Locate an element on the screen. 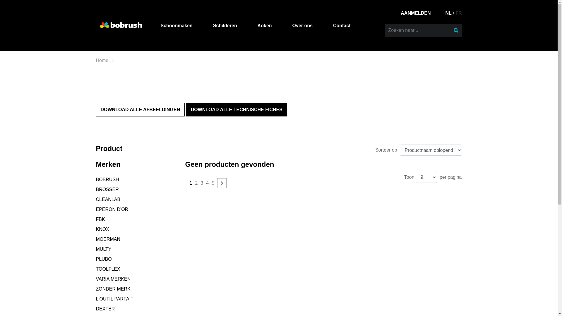  'ZONDER MERK' is located at coordinates (113, 288).